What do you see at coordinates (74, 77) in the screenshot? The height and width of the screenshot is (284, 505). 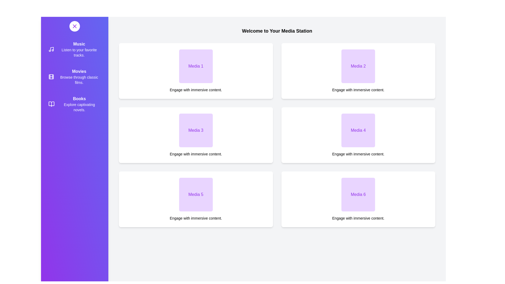 I see `the media category Movies to view its description` at bounding box center [74, 77].